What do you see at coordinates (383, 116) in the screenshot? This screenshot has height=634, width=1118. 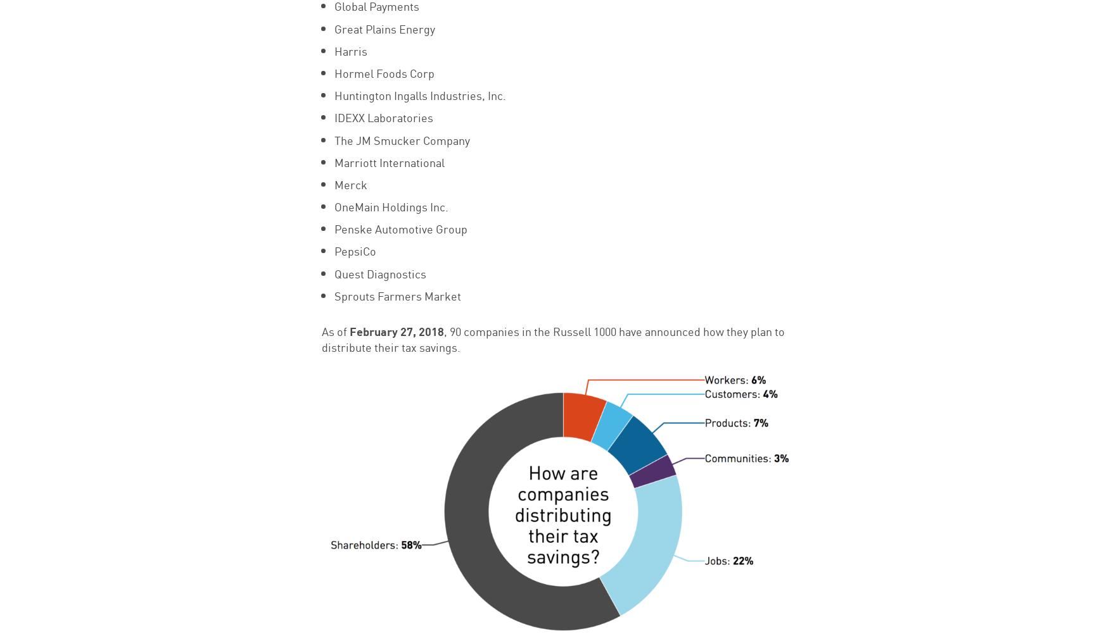 I see `'IDEXX Laboratories'` at bounding box center [383, 116].